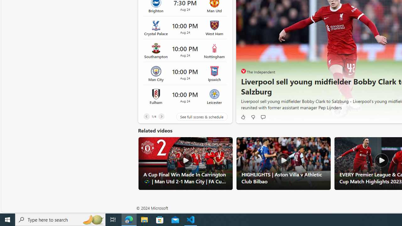 This screenshot has height=226, width=402. Describe the element at coordinates (185, 96) in the screenshot. I see `'Fulham vs Leicester Time 10:00 PM Date Aug 24'` at that location.